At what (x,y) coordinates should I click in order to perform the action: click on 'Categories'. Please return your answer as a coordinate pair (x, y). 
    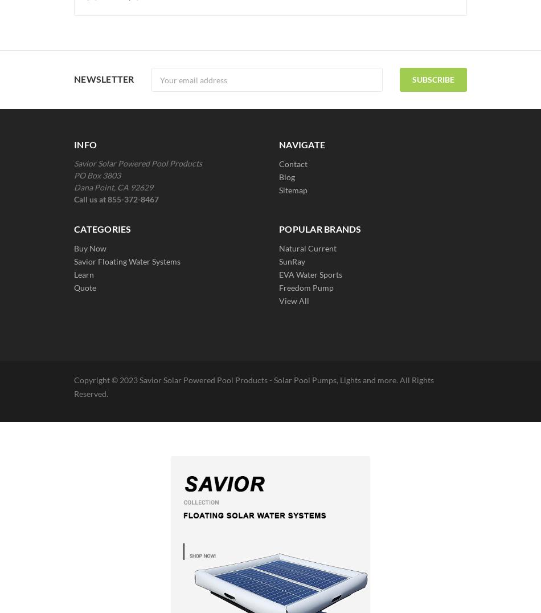
    Looking at the image, I should click on (103, 228).